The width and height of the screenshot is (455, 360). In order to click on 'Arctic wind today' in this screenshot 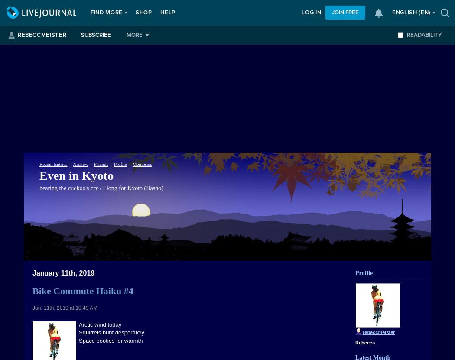, I will do `click(100, 324)`.